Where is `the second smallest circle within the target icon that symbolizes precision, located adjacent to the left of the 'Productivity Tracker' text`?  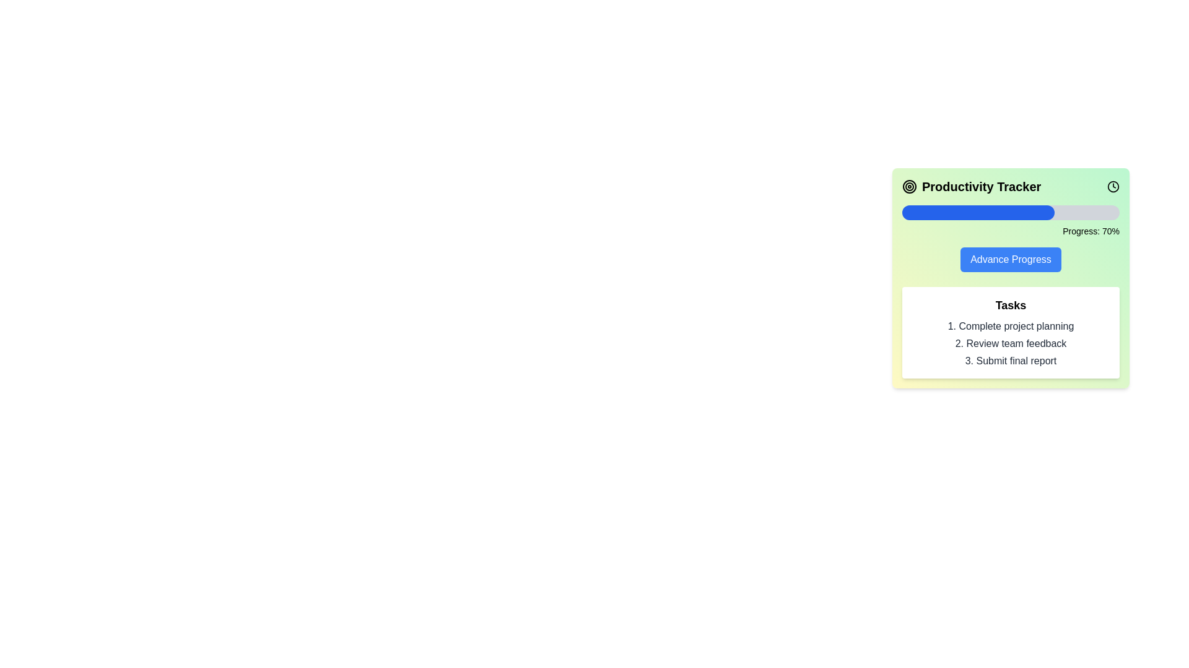
the second smallest circle within the target icon that symbolizes precision, located adjacent to the left of the 'Productivity Tracker' text is located at coordinates (909, 186).